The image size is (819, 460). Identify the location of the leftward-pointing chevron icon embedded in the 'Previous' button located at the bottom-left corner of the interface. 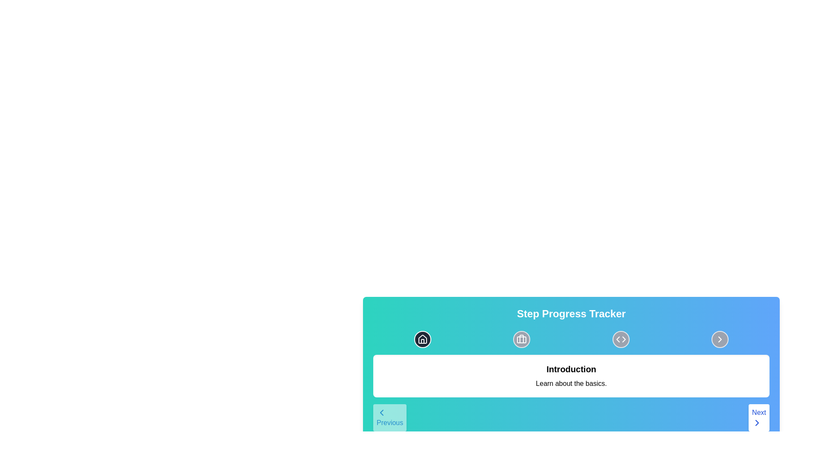
(381, 412).